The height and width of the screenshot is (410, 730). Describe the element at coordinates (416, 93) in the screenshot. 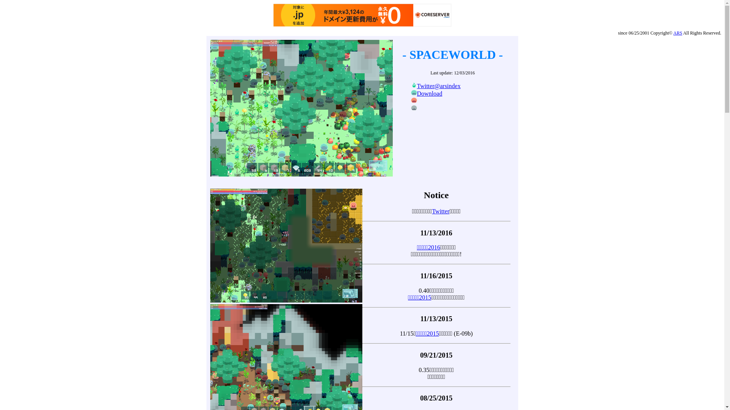

I see `'Download'` at that location.